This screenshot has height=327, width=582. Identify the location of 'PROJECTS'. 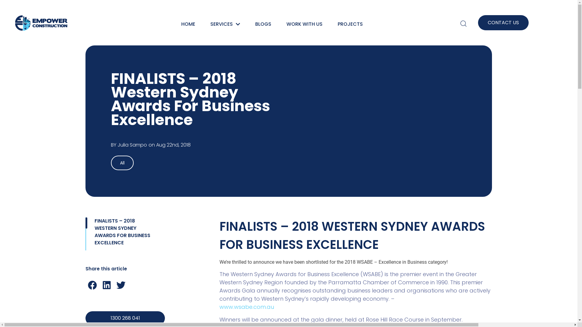
(350, 23).